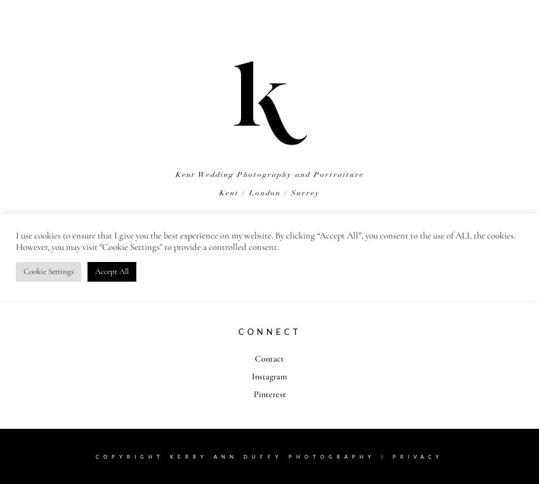 The height and width of the screenshot is (484, 539). I want to click on 'Copyright Kerry Ann Duffy Photography |', so click(244, 455).